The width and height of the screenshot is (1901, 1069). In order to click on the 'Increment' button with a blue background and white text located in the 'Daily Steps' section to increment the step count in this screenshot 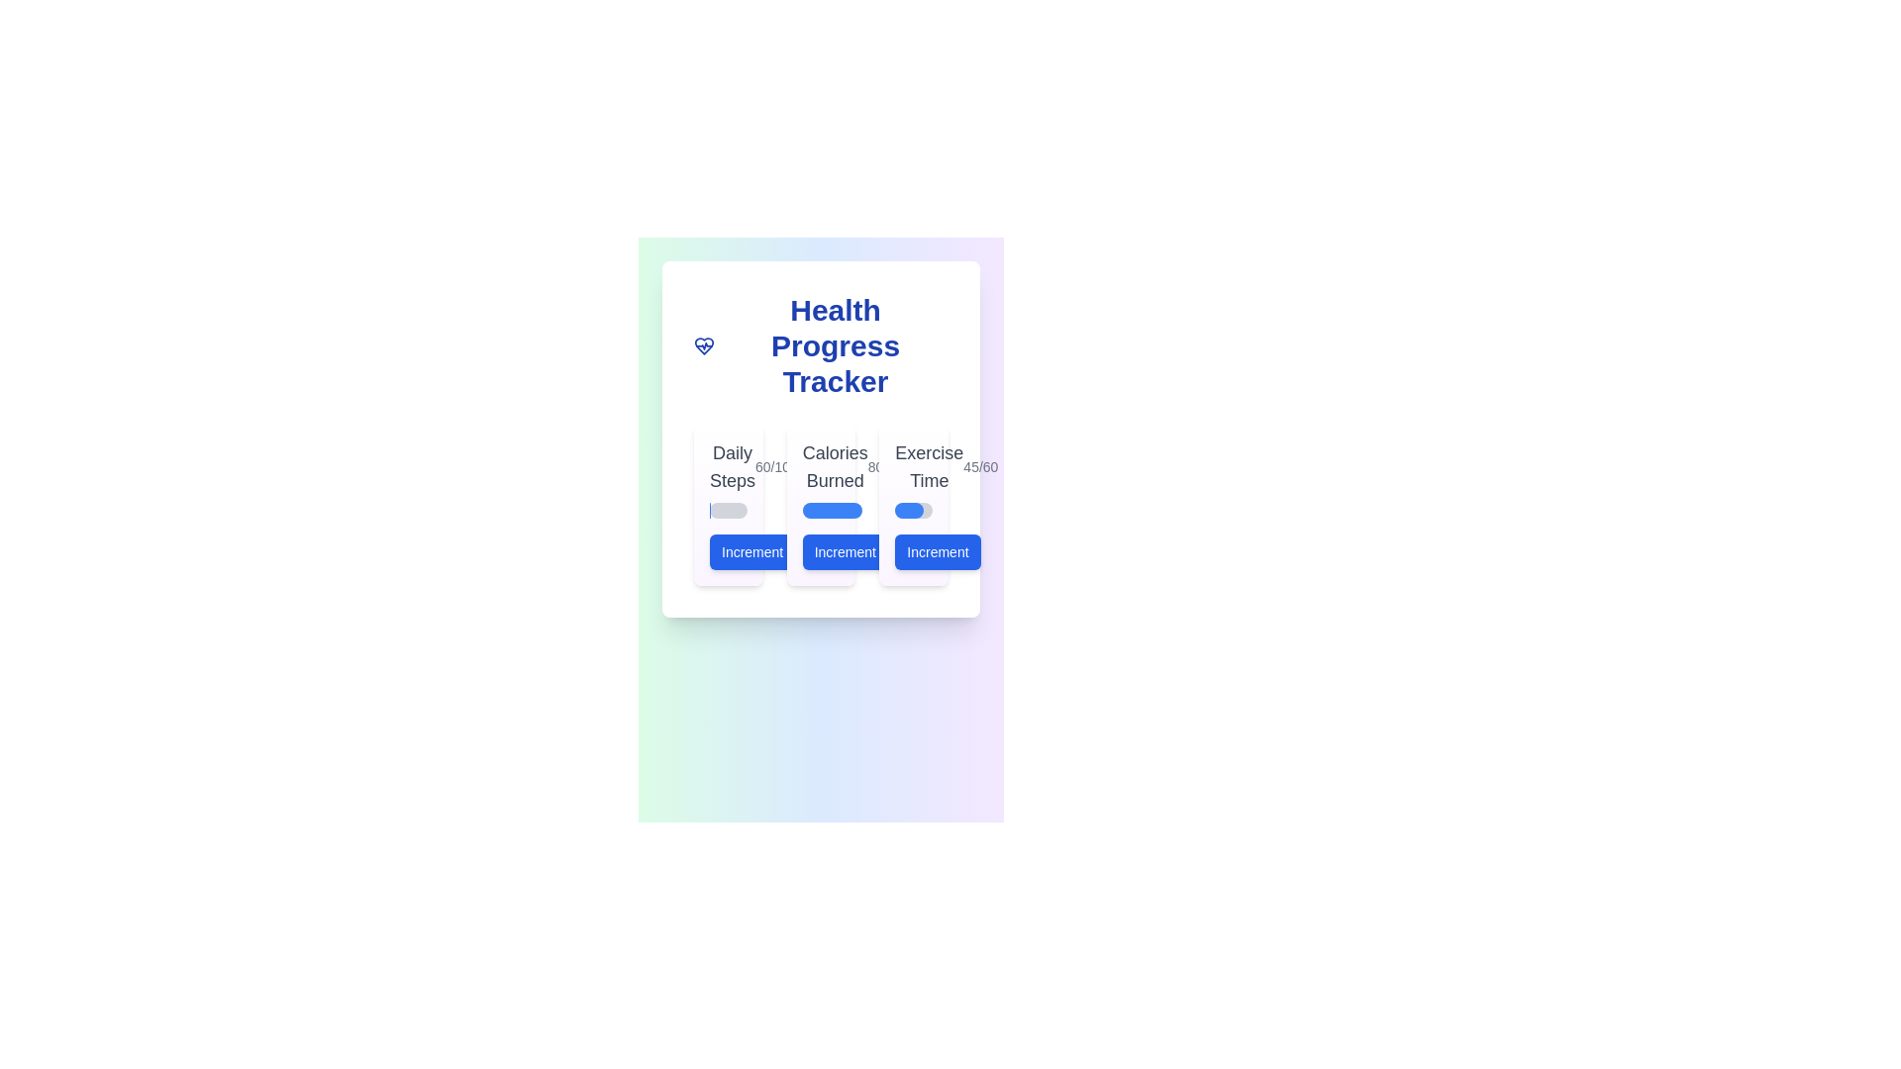, I will do `click(727, 552)`.